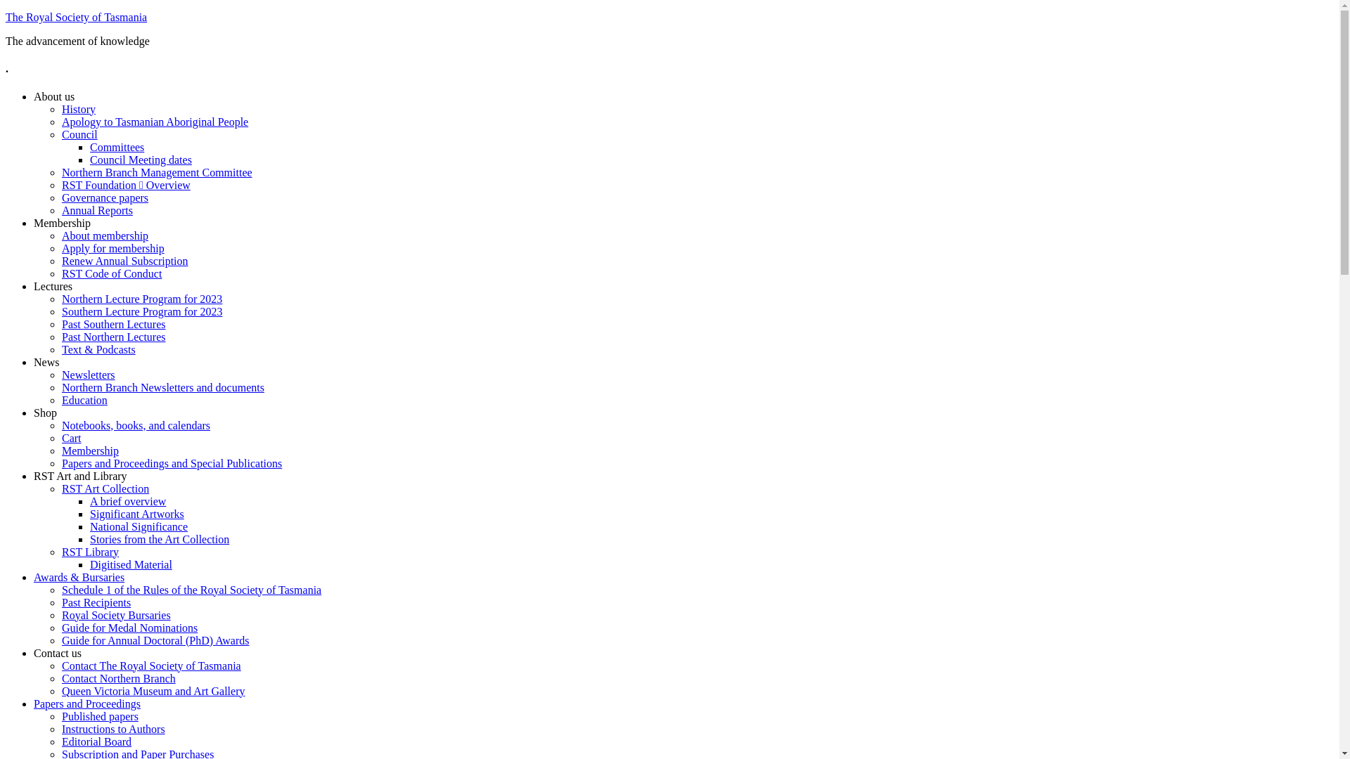  Describe the element at coordinates (84, 400) in the screenshot. I see `'Education'` at that location.